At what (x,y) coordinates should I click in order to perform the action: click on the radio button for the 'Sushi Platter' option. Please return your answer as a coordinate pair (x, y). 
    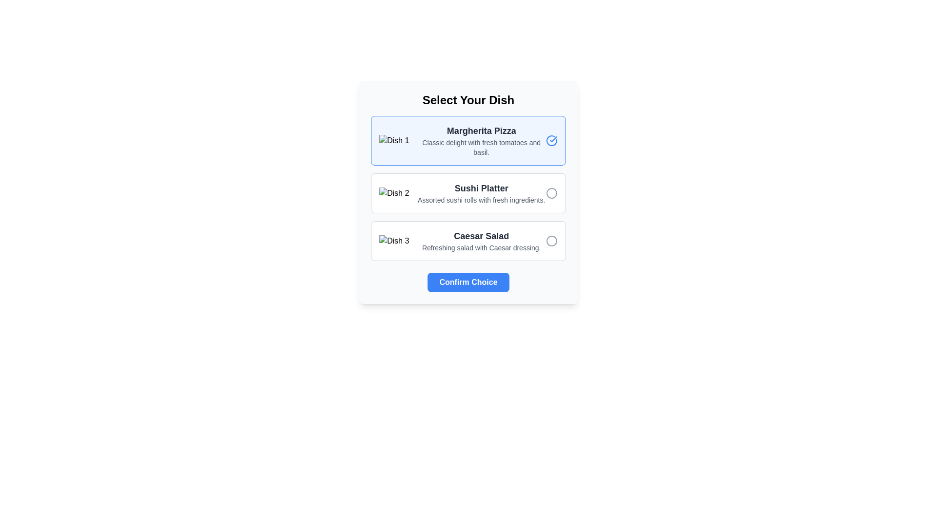
    Looking at the image, I should click on (552, 193).